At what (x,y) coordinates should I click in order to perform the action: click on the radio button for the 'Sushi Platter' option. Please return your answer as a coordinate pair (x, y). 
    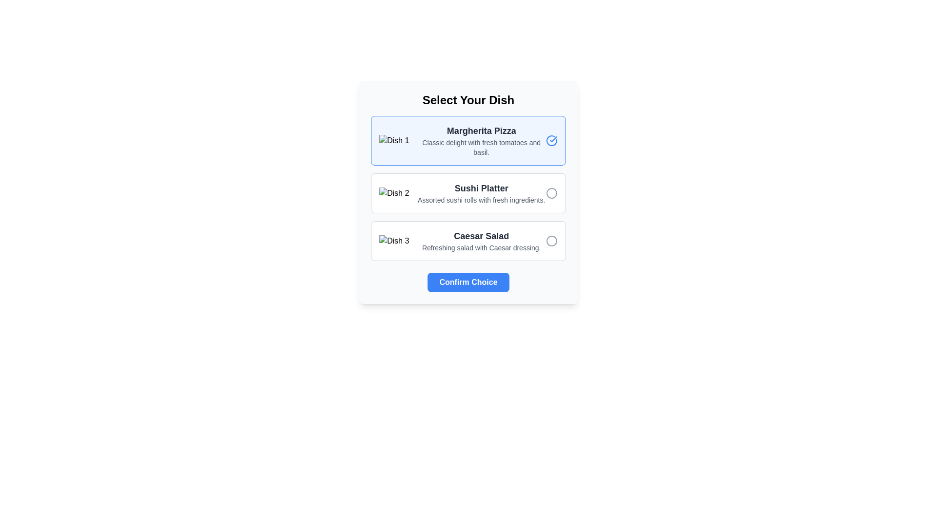
    Looking at the image, I should click on (552, 193).